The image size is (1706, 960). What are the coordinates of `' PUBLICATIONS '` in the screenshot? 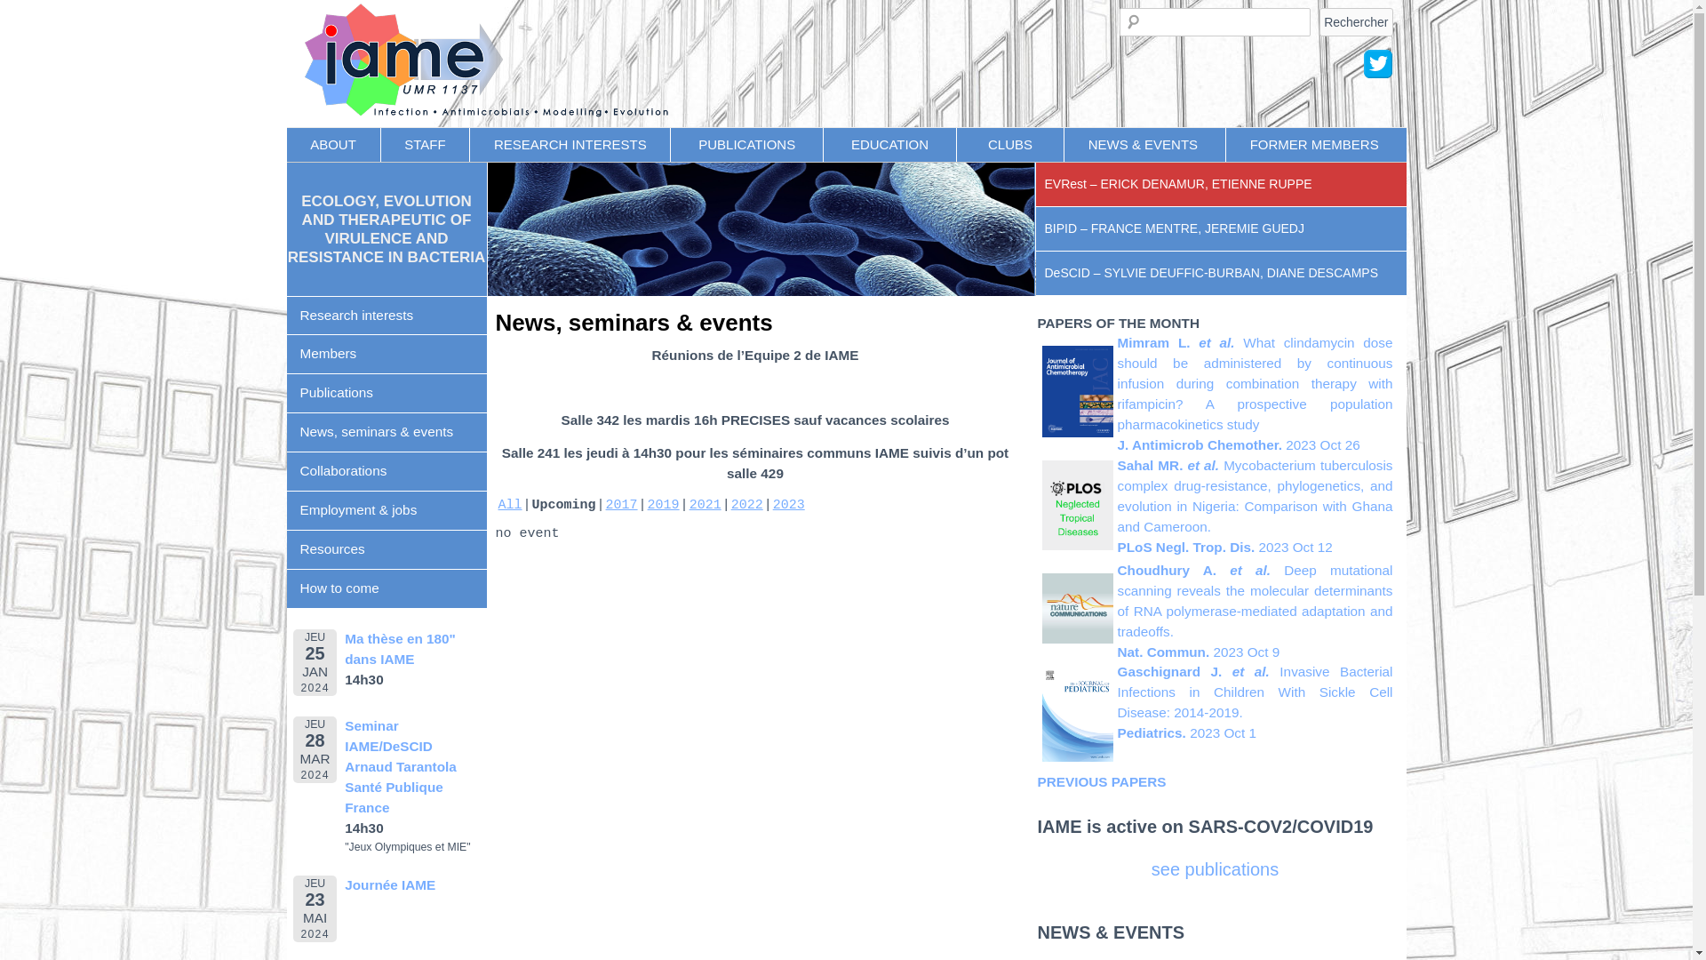 It's located at (746, 143).